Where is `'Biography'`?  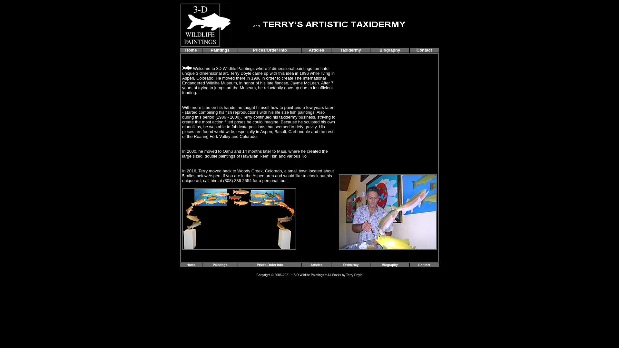
'Biography' is located at coordinates (389, 50).